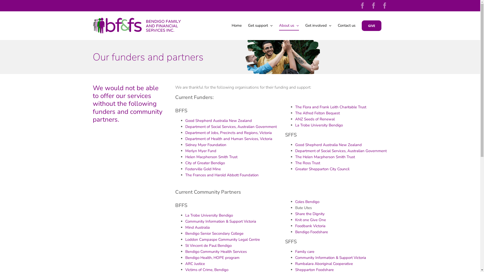 The height and width of the screenshot is (272, 484). What do you see at coordinates (212, 257) in the screenshot?
I see `'Bendigo Health, HOPE program'` at bounding box center [212, 257].